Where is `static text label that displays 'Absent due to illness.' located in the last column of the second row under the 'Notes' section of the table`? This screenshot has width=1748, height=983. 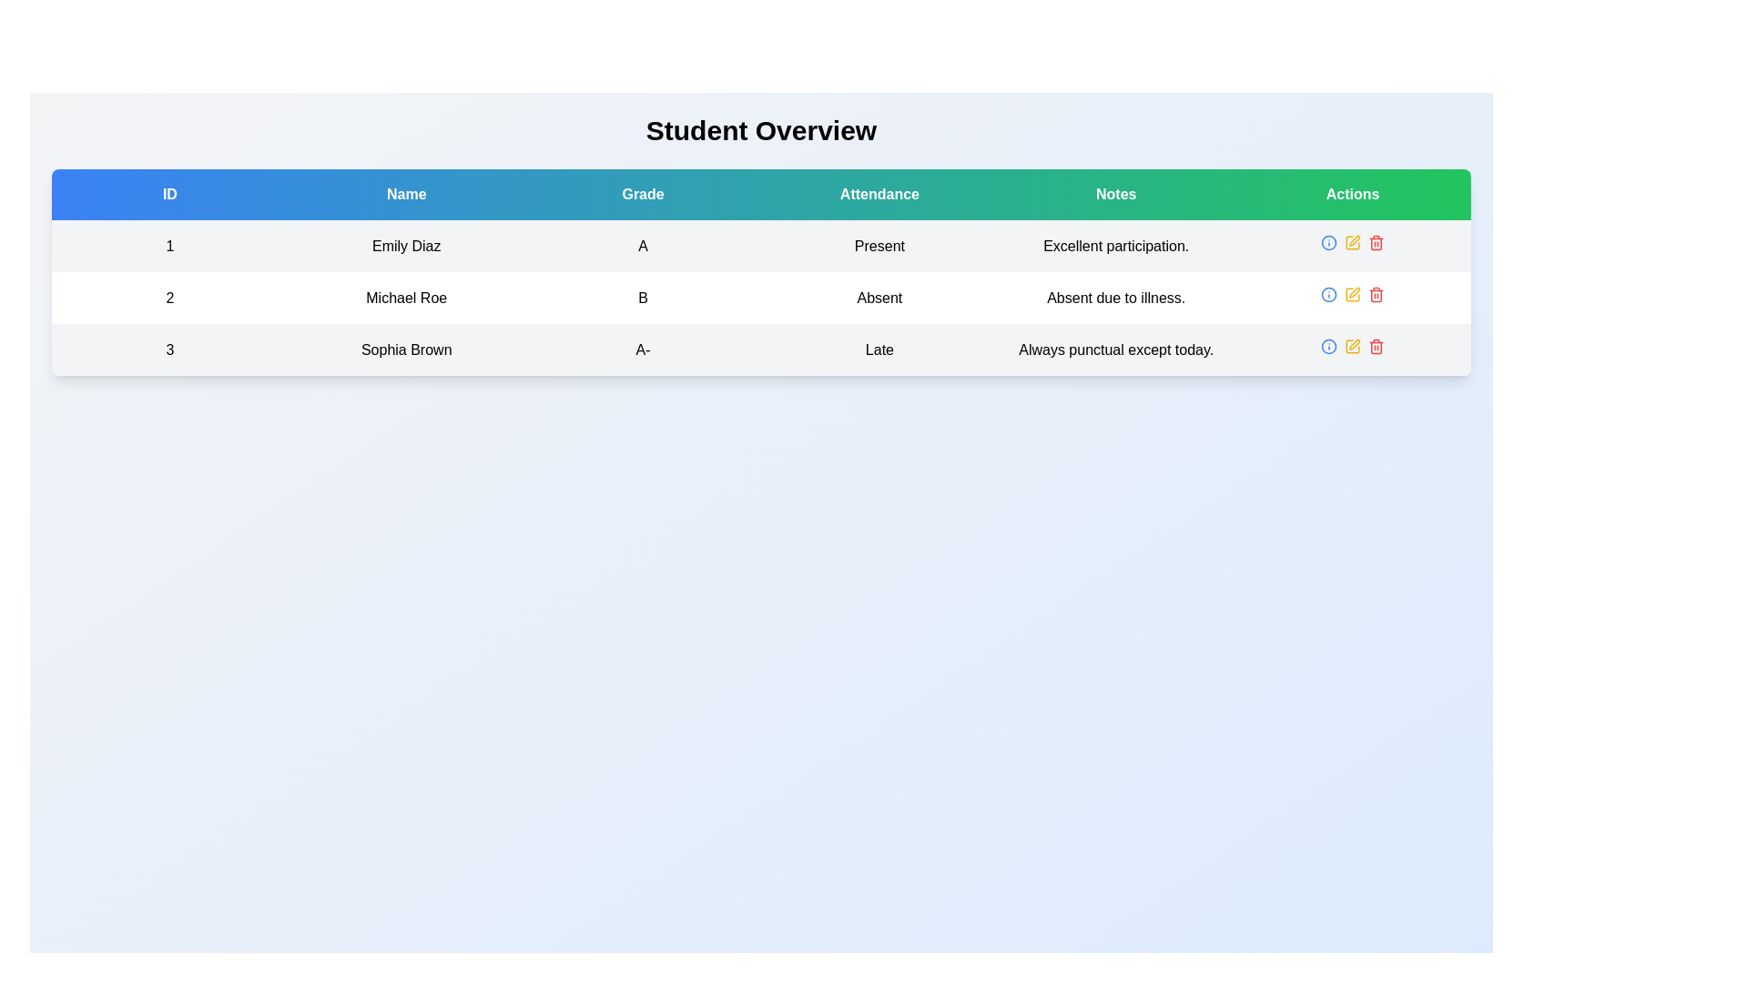 static text label that displays 'Absent due to illness.' located in the last column of the second row under the 'Notes' section of the table is located at coordinates (1115, 297).